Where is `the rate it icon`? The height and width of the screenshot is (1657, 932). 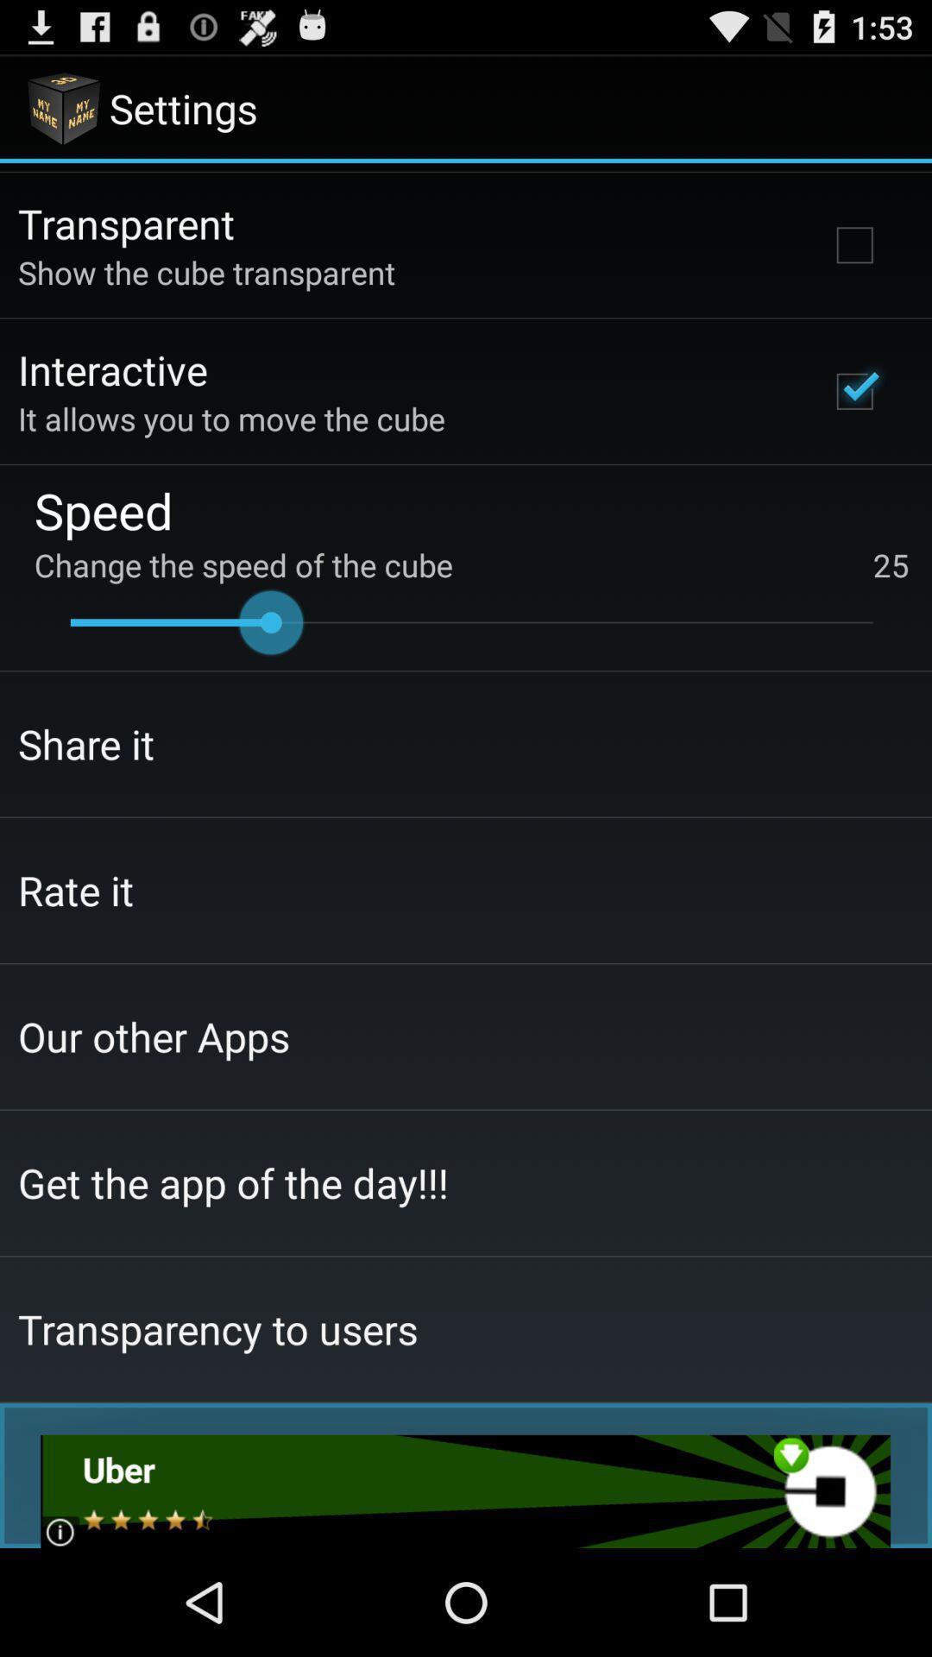 the rate it icon is located at coordinates (75, 890).